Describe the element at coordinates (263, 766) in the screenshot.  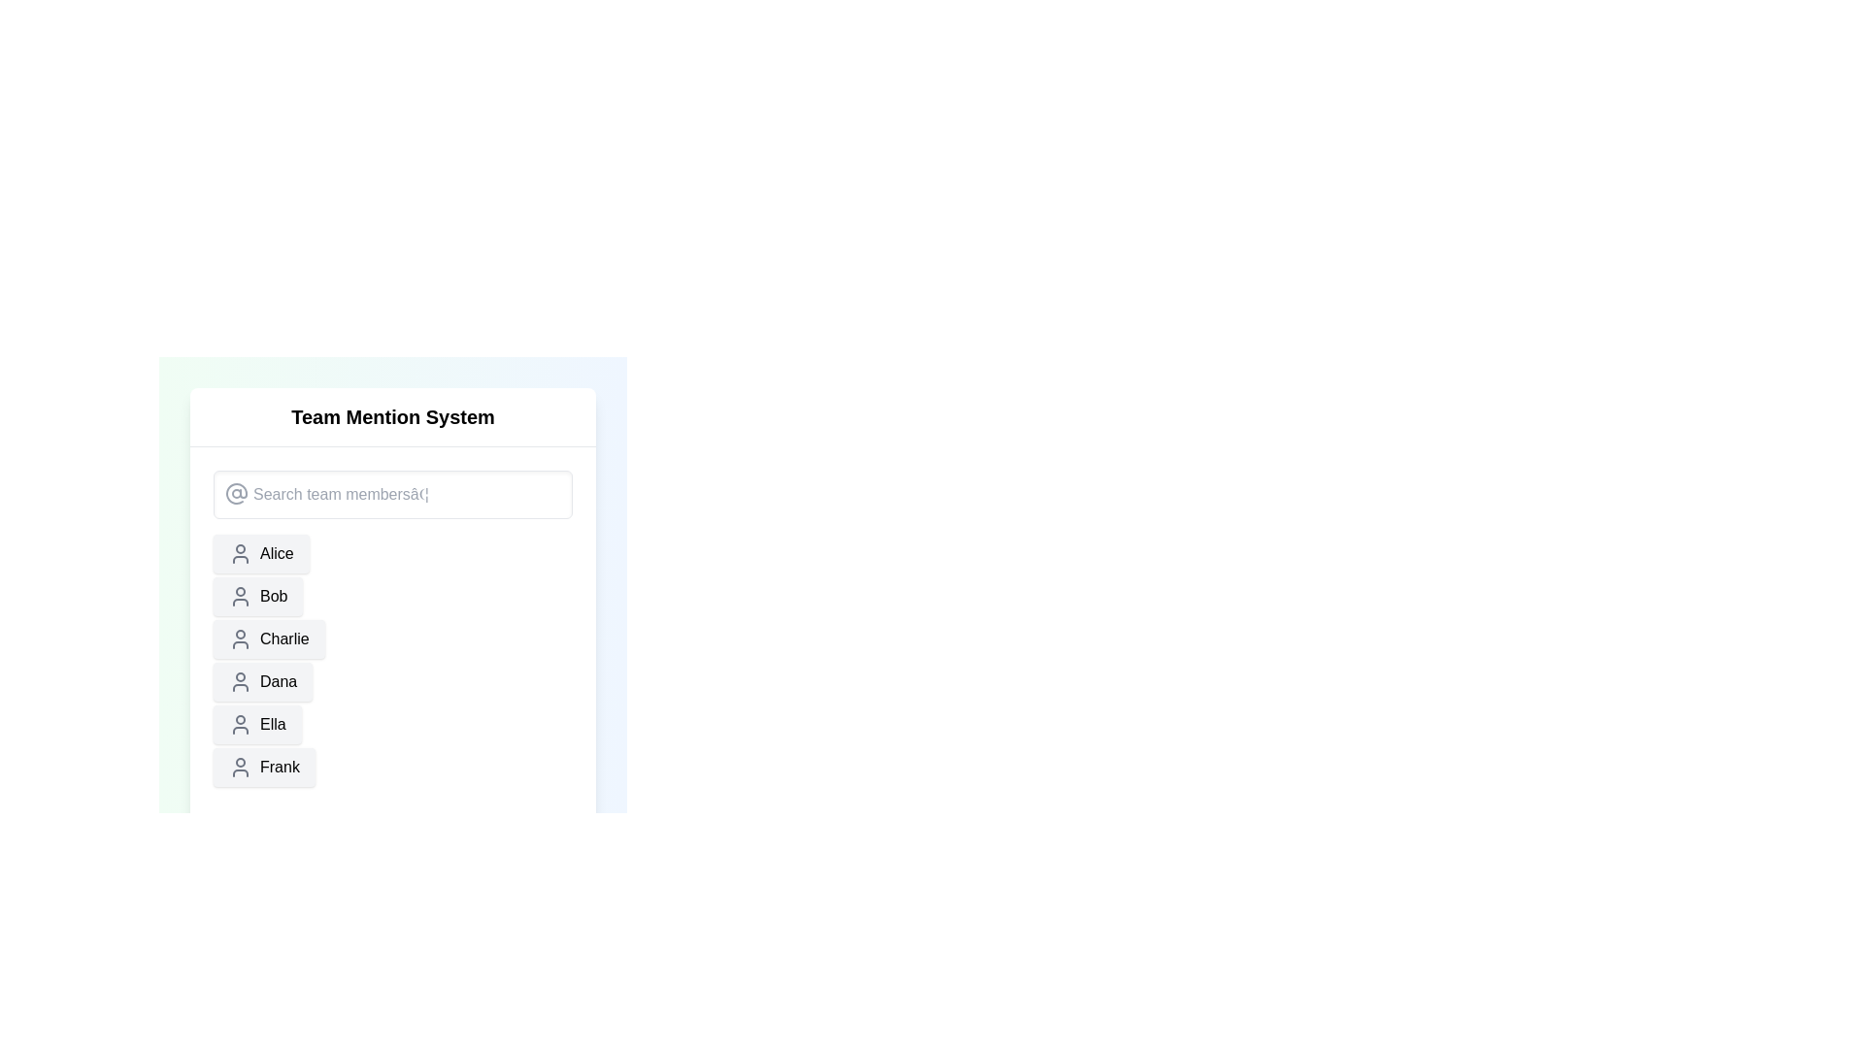
I see `the button labeled 'Frank' at the bottom of the user list` at that location.